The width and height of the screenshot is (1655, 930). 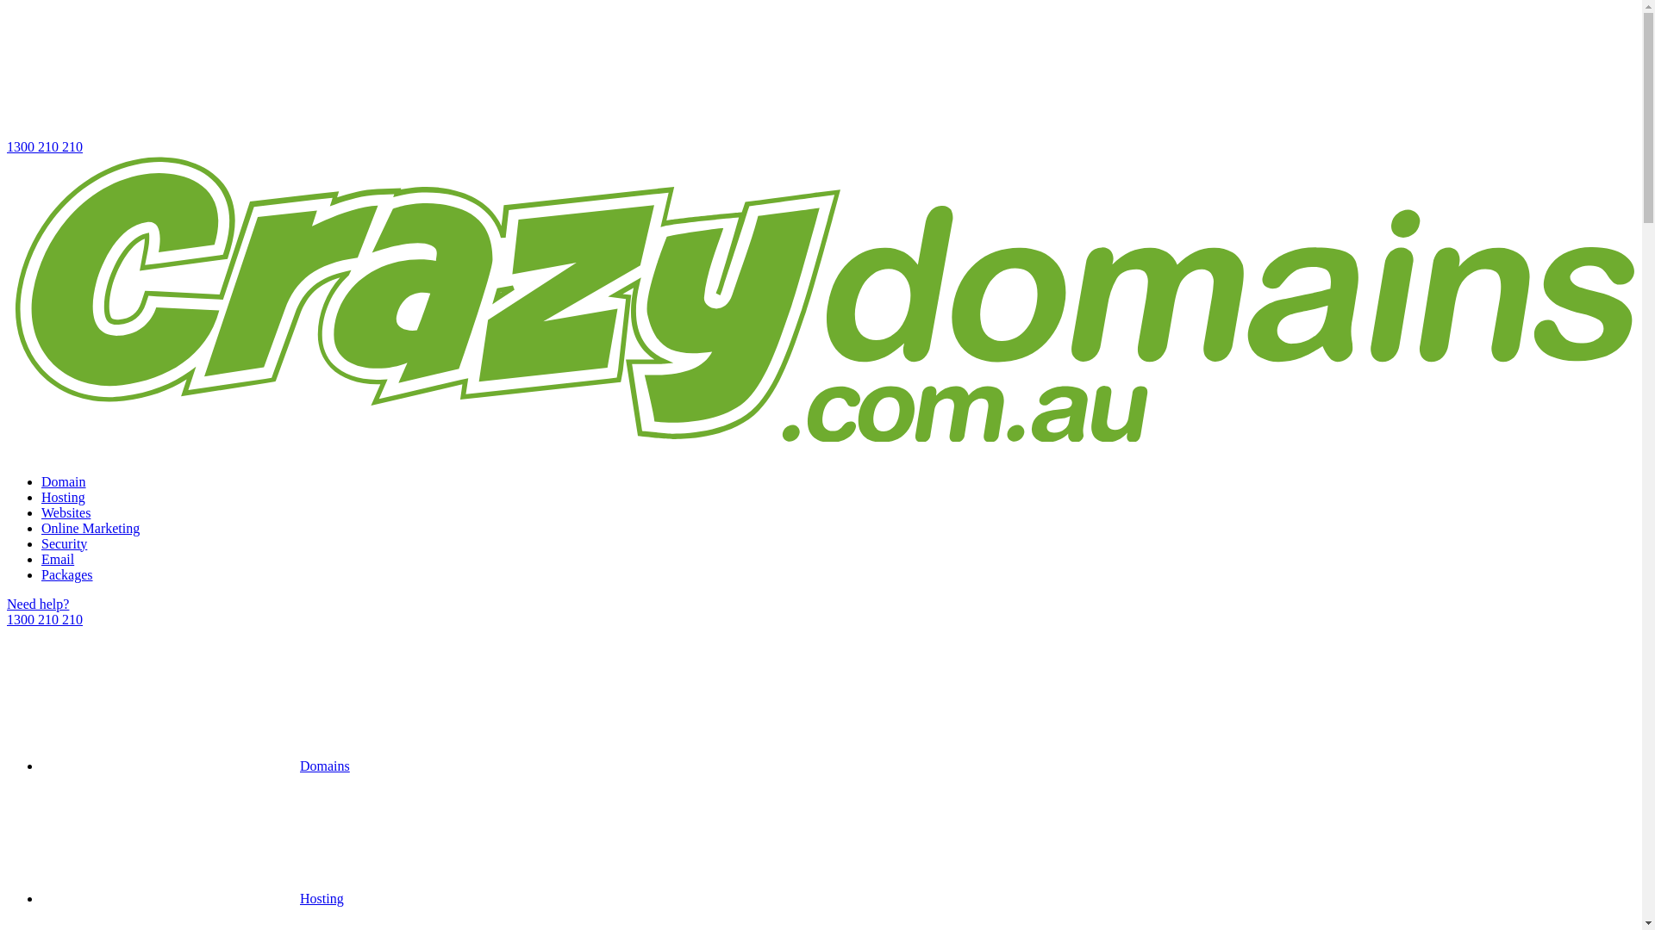 I want to click on 'Security', so click(x=64, y=543).